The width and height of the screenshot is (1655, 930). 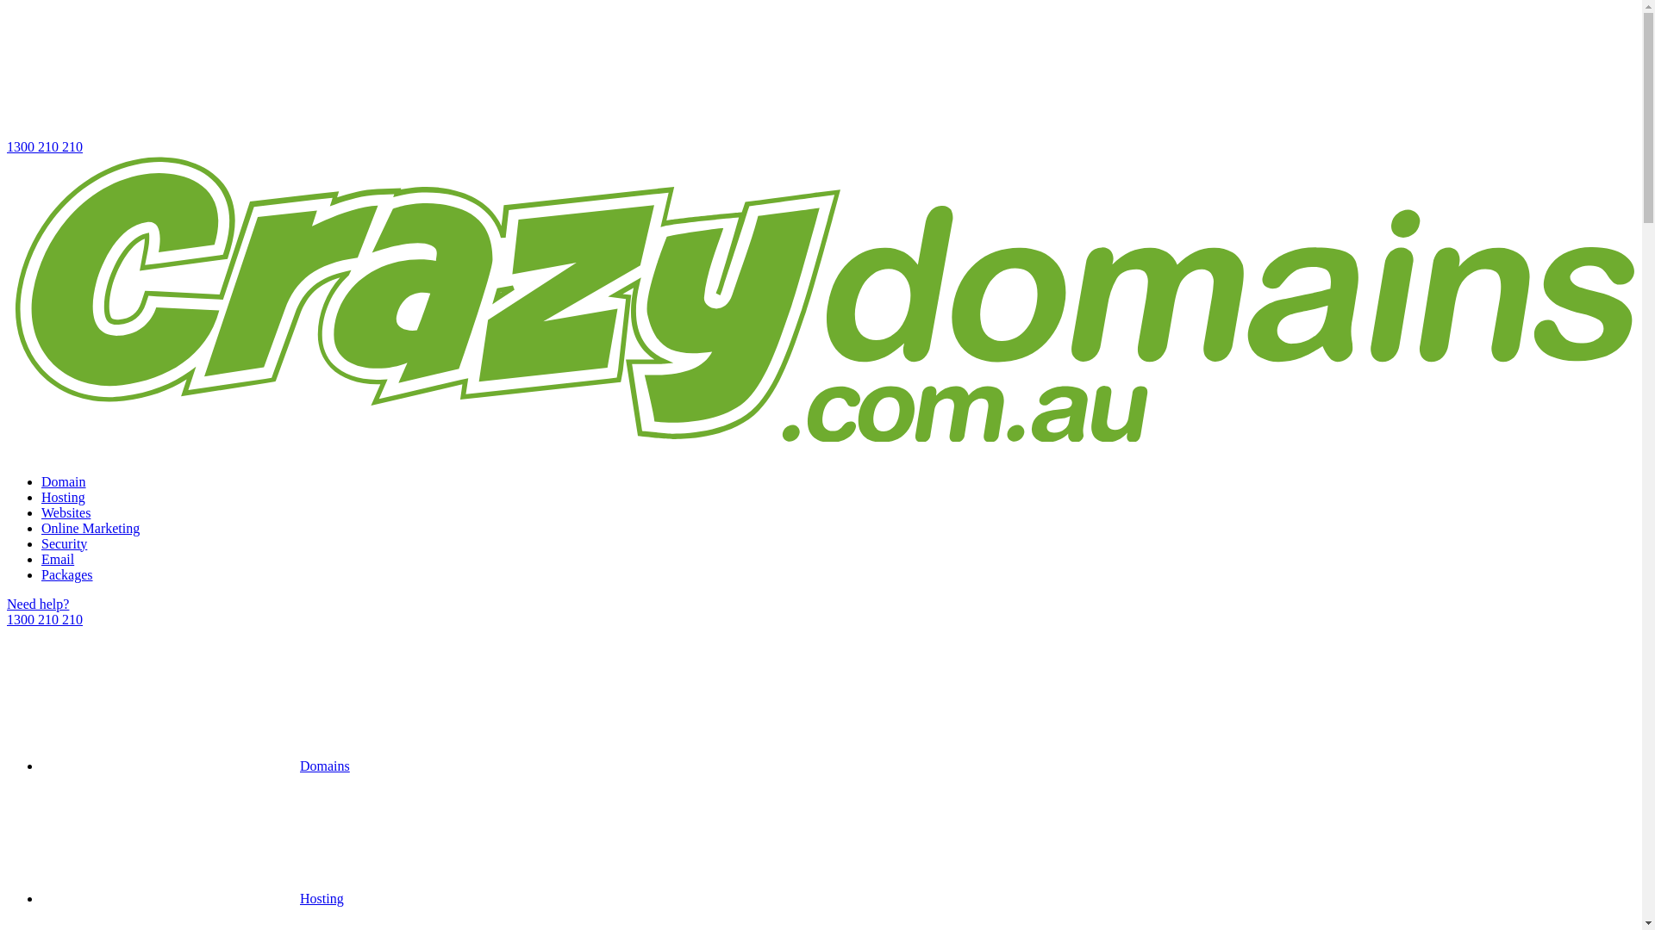 I want to click on 'Security', so click(x=64, y=543).